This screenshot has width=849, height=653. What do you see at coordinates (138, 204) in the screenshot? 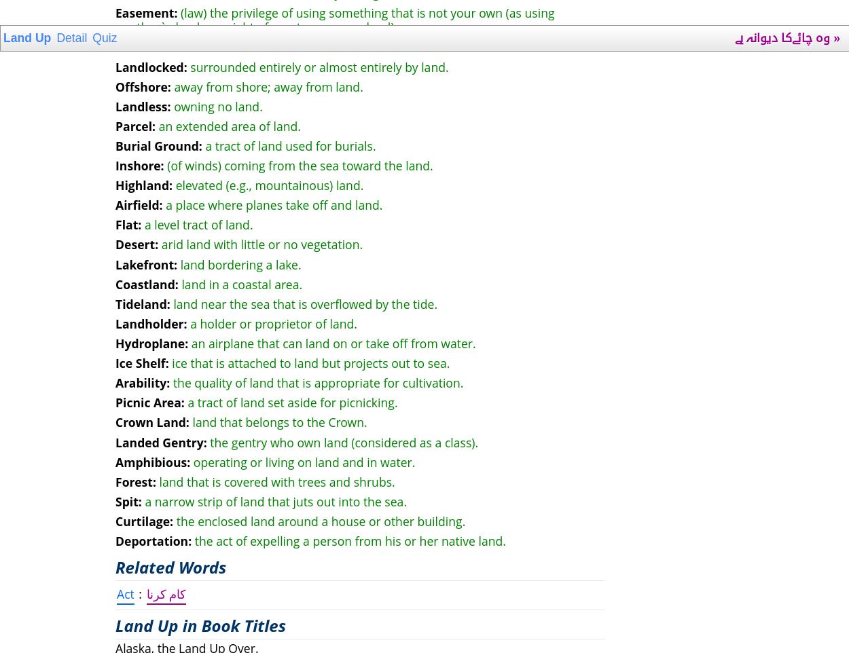
I see `'Airfield:'` at bounding box center [138, 204].